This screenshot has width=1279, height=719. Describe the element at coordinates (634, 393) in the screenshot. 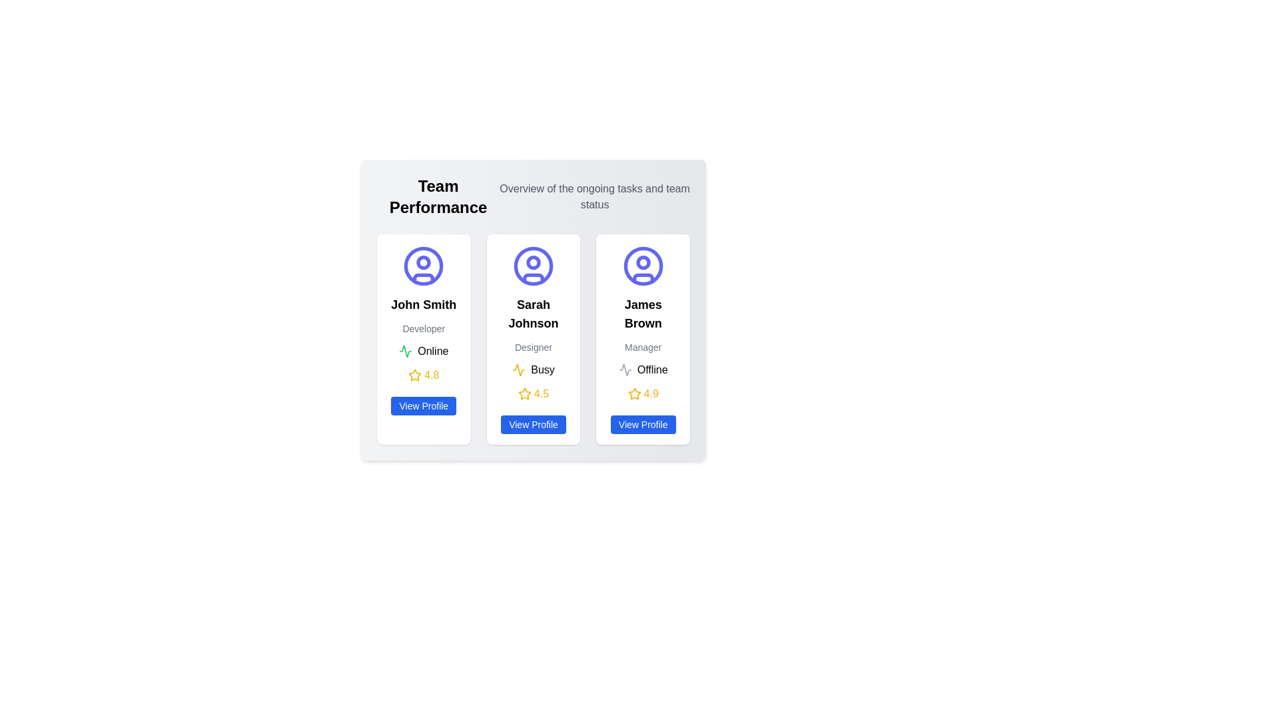

I see `the star icon representing the rating for 'James Brown', located in the third column of the main layout, adjacent to the numeric text '4.9'` at that location.